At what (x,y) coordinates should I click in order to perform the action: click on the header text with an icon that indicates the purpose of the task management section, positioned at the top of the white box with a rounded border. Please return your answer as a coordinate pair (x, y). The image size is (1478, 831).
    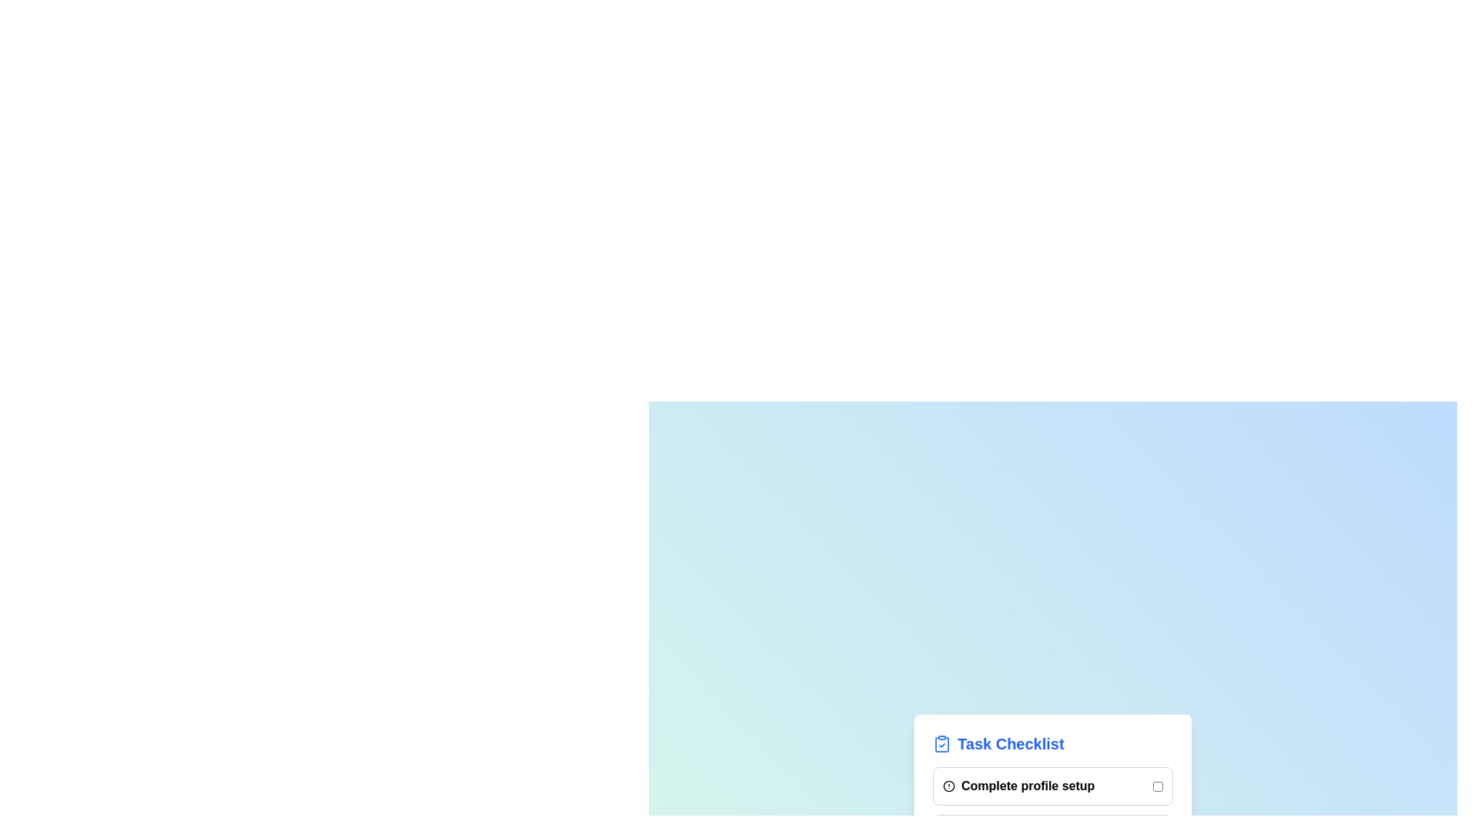
    Looking at the image, I should click on (1052, 743).